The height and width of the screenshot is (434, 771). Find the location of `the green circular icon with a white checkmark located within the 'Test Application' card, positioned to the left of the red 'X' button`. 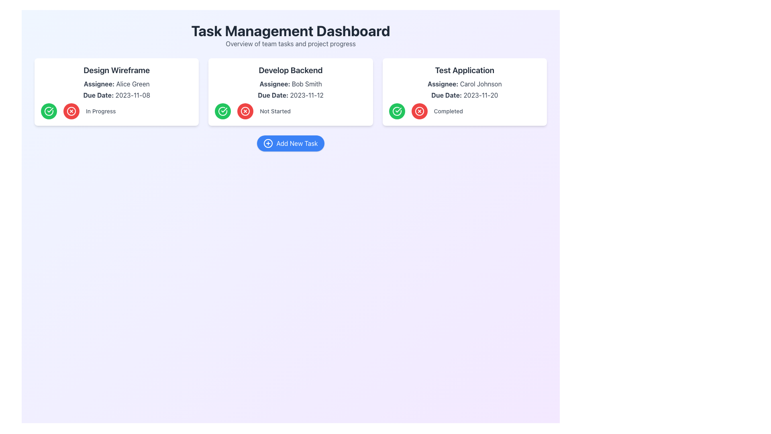

the green circular icon with a white checkmark located within the 'Test Application' card, positioned to the left of the red 'X' button is located at coordinates (397, 111).